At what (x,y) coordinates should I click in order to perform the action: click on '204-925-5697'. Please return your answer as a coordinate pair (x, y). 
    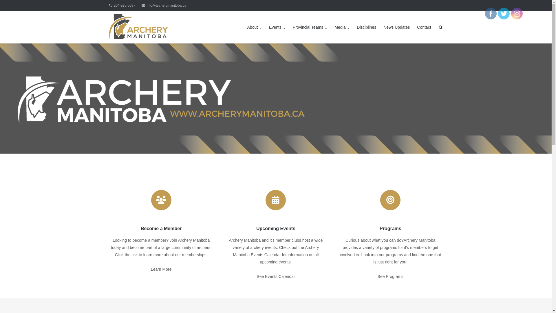
    Looking at the image, I should click on (122, 6).